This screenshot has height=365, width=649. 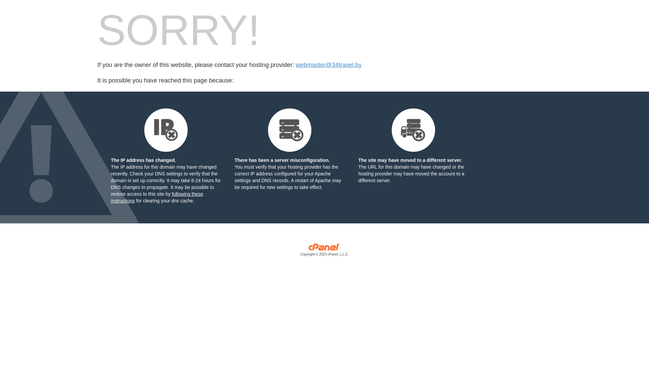 What do you see at coordinates (328, 65) in the screenshot?
I see `'webmaster@34travel.by'` at bounding box center [328, 65].